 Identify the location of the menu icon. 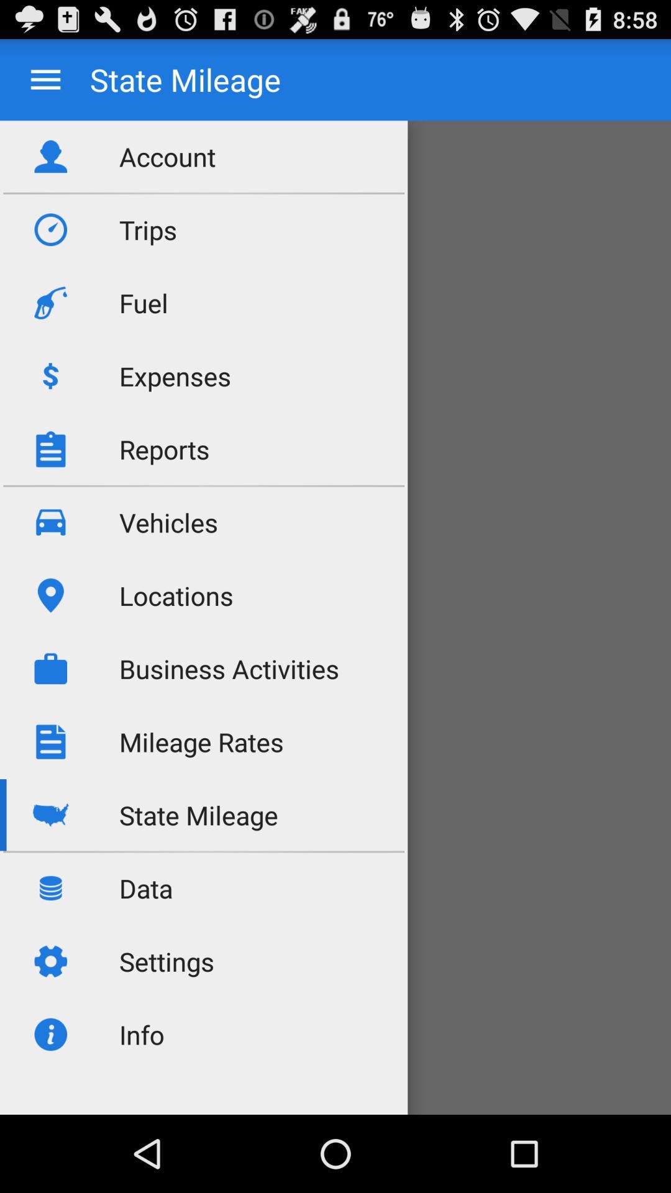
(45, 85).